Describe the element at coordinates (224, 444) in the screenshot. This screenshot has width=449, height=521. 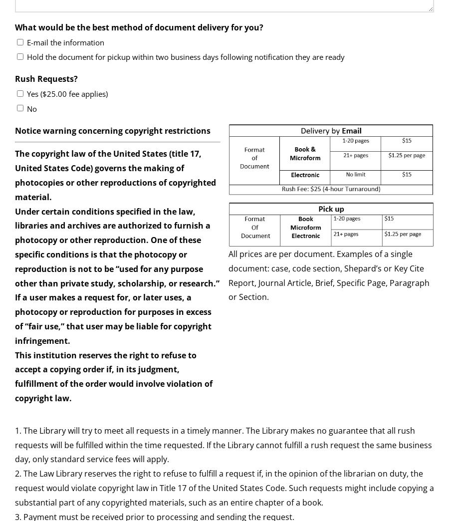
I see `'1. The Library will try to meet all requests in a timely manner. The Library makes no guarantee that all rush requests will be fulfilled within the time
requested. If the Library cannot fulfill a rush request
the same business day, only standard service fees
will apply.'` at that location.